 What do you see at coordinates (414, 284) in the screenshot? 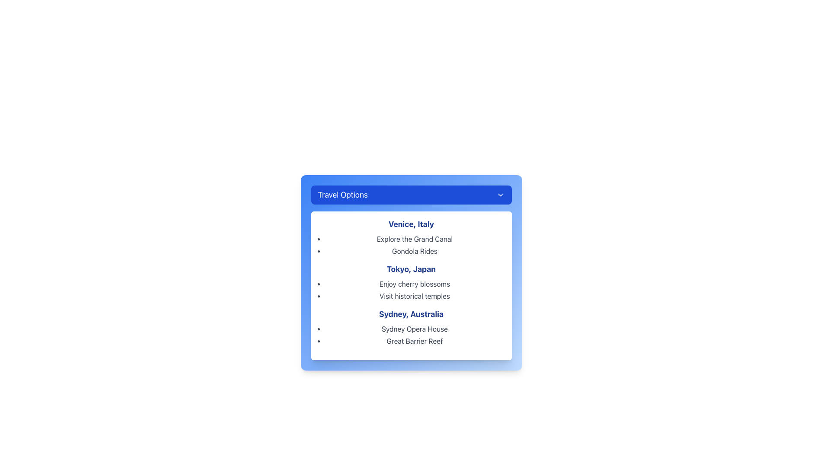
I see `text content of the first bullet point entry under the 'Tokyo, Japan' section, which is located below 'Tokyo, Japan' and above 'Visit historical temples'` at bounding box center [414, 284].